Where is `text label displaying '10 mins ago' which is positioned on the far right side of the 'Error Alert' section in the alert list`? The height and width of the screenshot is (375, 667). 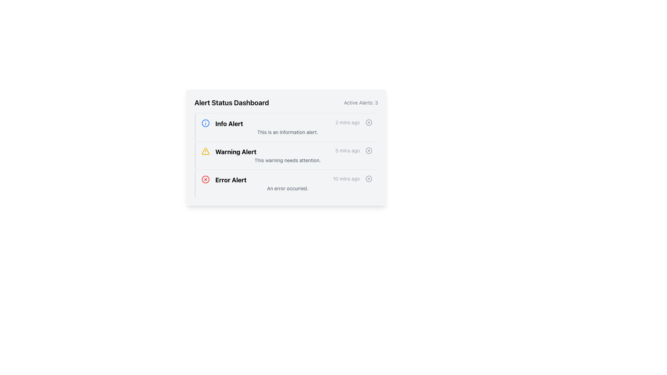
text label displaying '10 mins ago' which is positioned on the far right side of the 'Error Alert' section in the alert list is located at coordinates (346, 180).